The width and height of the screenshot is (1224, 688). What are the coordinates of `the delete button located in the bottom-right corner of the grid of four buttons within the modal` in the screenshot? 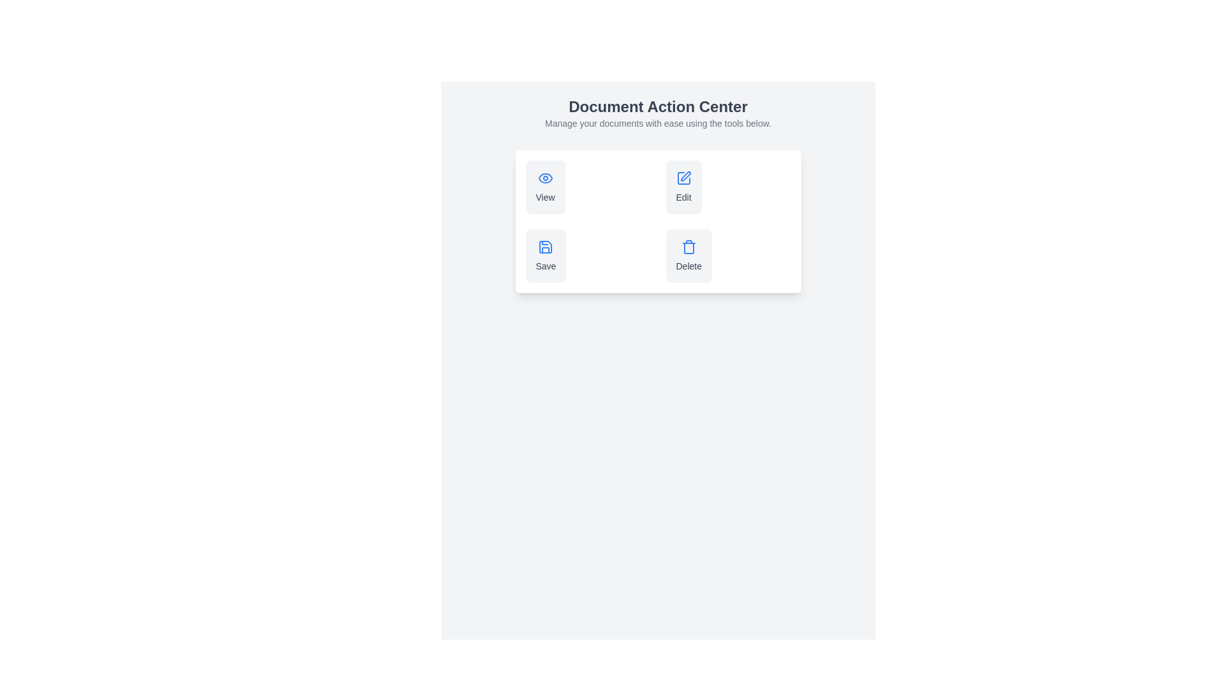 It's located at (688, 255).